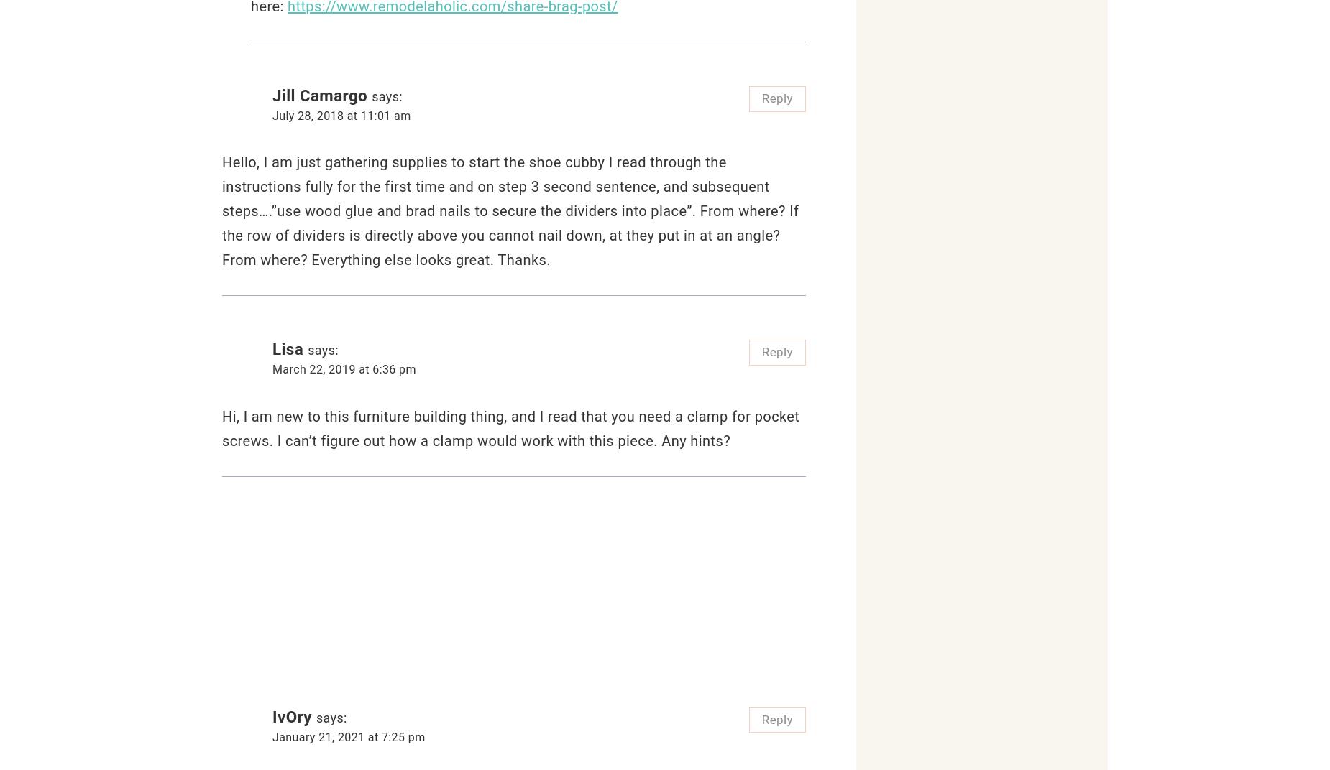  Describe the element at coordinates (349, 736) in the screenshot. I see `'January 21, 2021 at 7:25 pm'` at that location.